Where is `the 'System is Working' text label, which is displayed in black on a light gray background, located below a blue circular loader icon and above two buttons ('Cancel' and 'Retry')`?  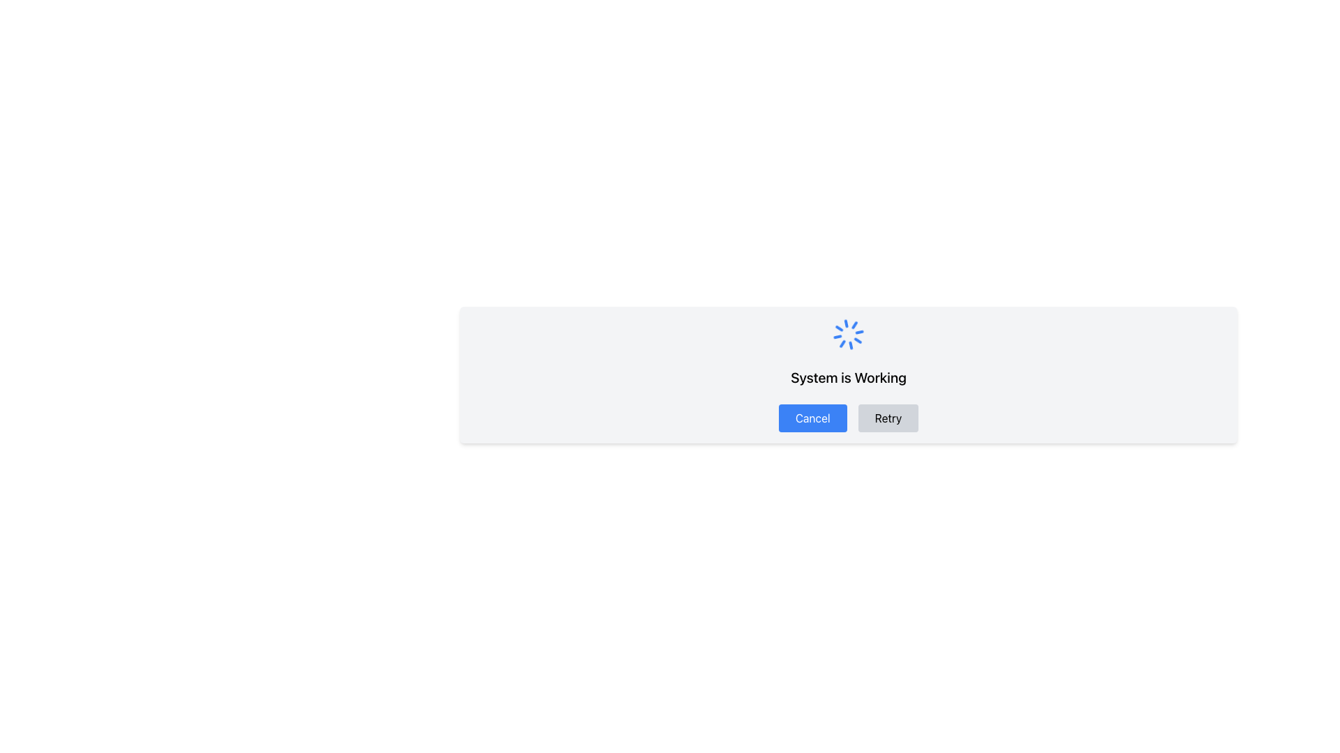 the 'System is Working' text label, which is displayed in black on a light gray background, located below a blue circular loader icon and above two buttons ('Cancel' and 'Retry') is located at coordinates (847, 378).